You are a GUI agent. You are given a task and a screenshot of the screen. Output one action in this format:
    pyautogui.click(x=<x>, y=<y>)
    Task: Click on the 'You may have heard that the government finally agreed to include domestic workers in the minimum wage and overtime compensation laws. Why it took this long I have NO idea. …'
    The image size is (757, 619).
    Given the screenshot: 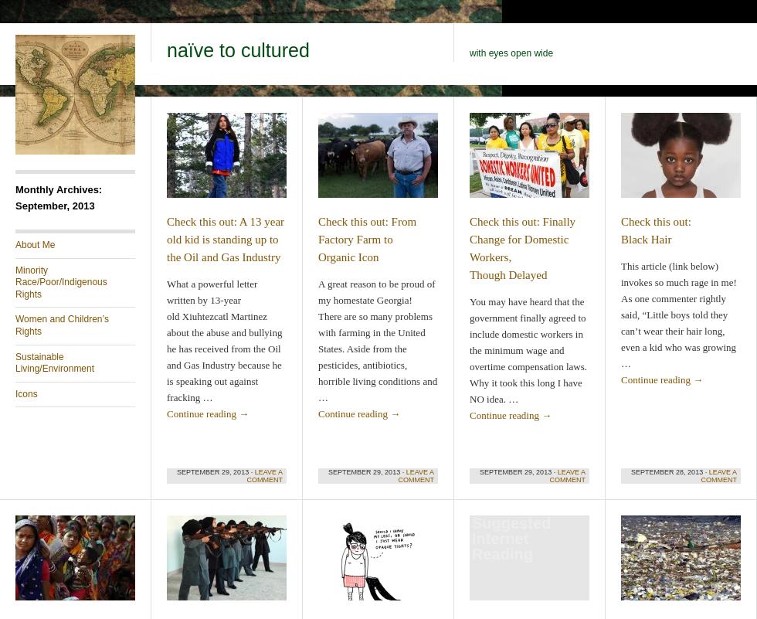 What is the action you would take?
    pyautogui.click(x=528, y=350)
    